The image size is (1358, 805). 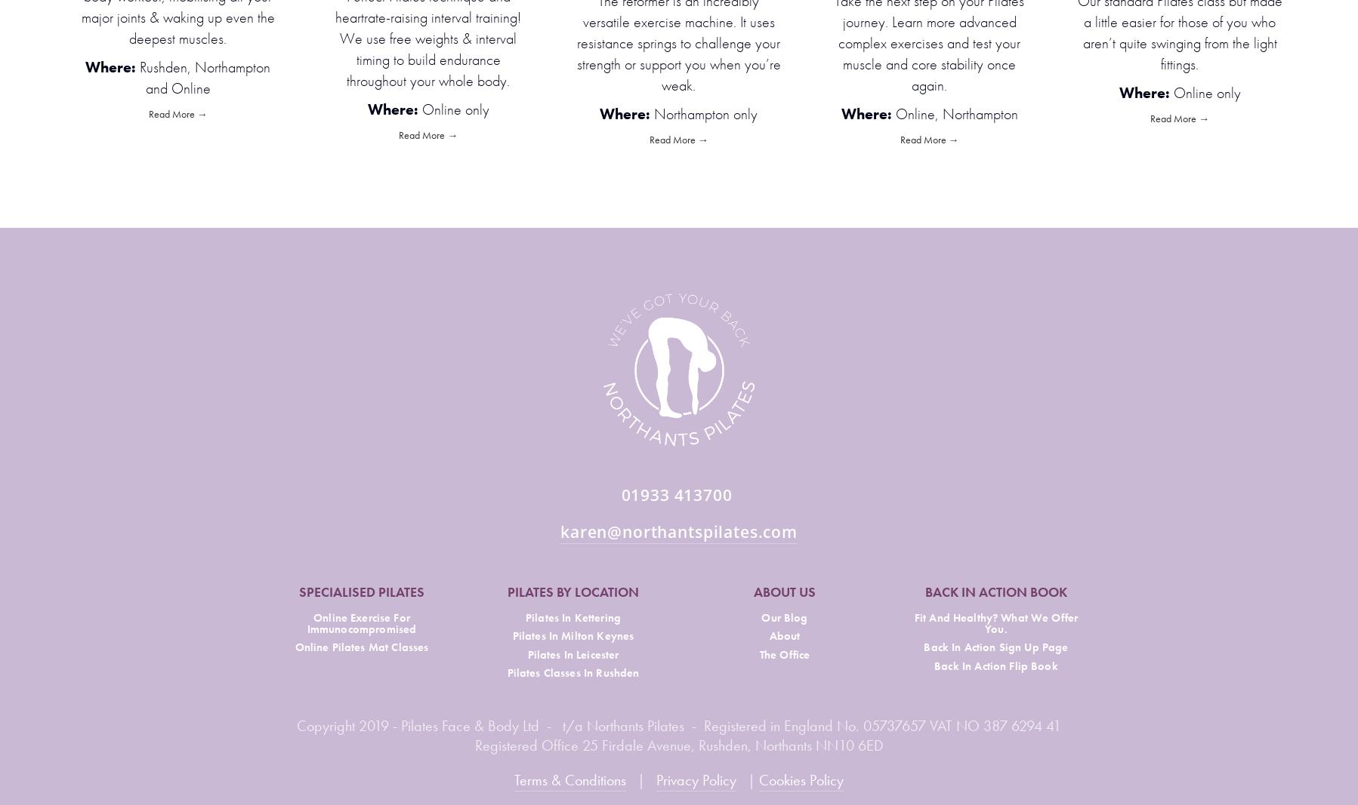 I want to click on '01933 413700', so click(x=678, y=494).